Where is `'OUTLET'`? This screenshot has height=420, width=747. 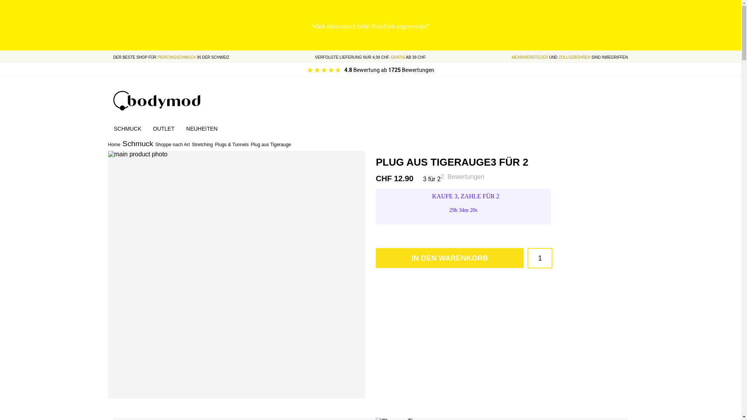
'OUTLET' is located at coordinates (163, 128).